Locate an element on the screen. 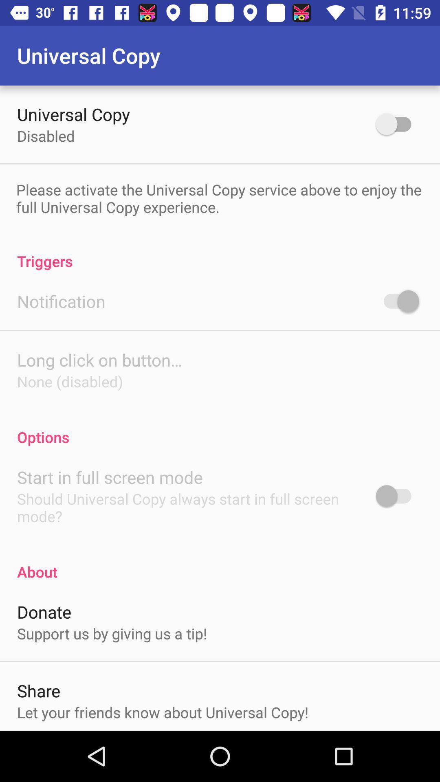  item below the support us by item is located at coordinates (39, 690).